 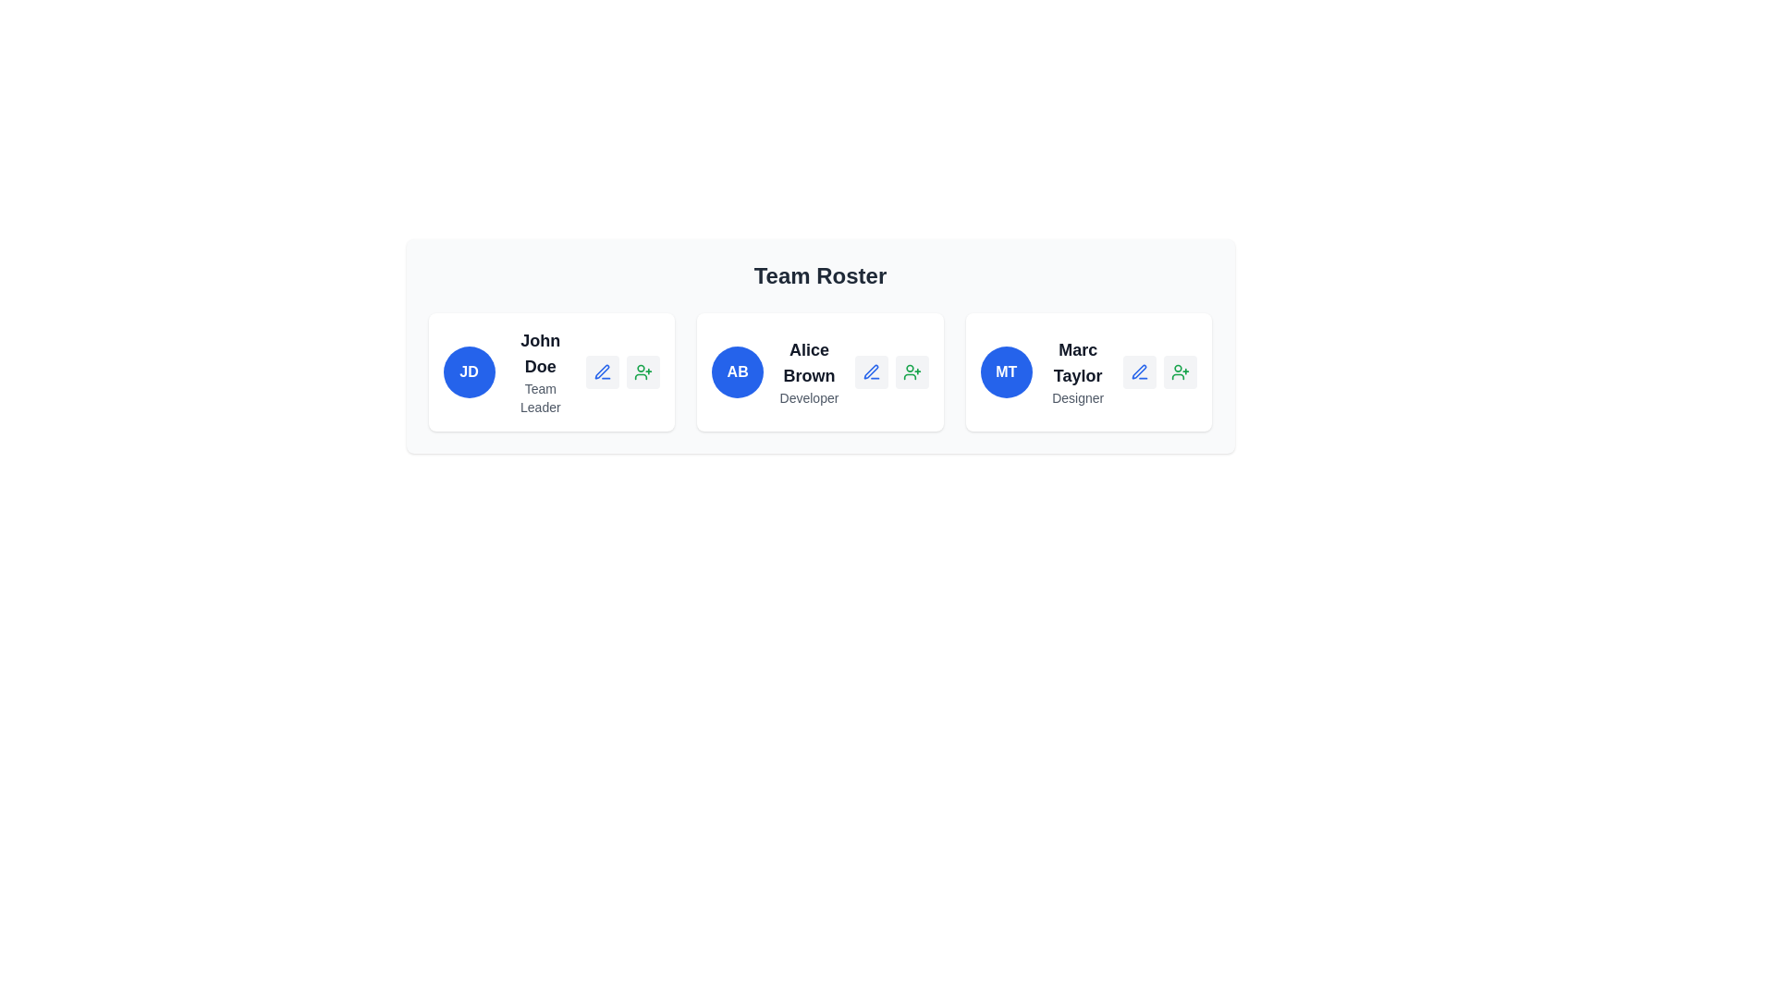 What do you see at coordinates (1089, 371) in the screenshot?
I see `the add icon on the interactive profile card for Marc Taylor, which is the third card in the 'Team Roster' section` at bounding box center [1089, 371].